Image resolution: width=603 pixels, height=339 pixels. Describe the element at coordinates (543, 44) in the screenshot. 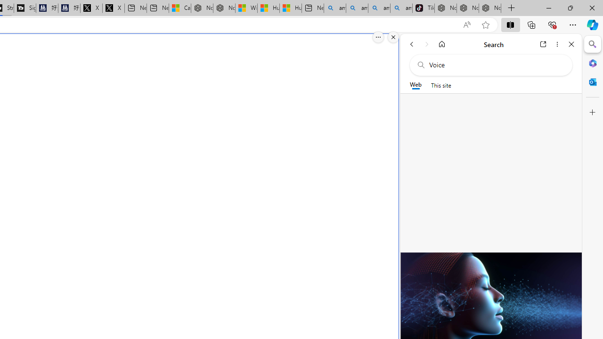

I see `'Open link in new tab'` at that location.